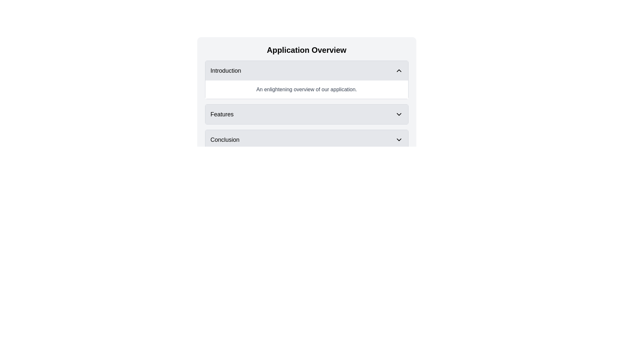 The height and width of the screenshot is (352, 626). What do you see at coordinates (306, 89) in the screenshot?
I see `the static descriptive text located under the 'Introduction' header in the accordion-style component, which provides an overview of the application` at bounding box center [306, 89].